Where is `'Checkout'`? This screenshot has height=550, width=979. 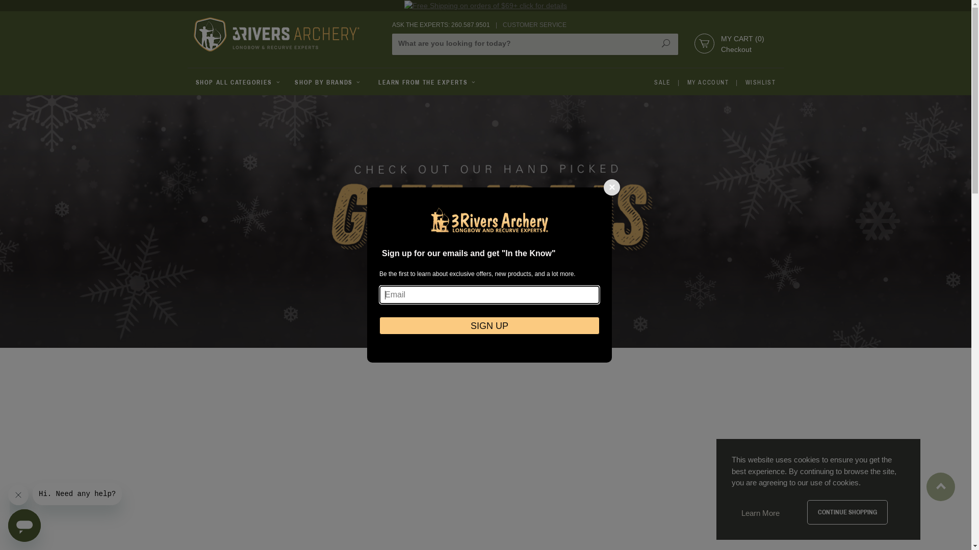 'Checkout' is located at coordinates (736, 49).